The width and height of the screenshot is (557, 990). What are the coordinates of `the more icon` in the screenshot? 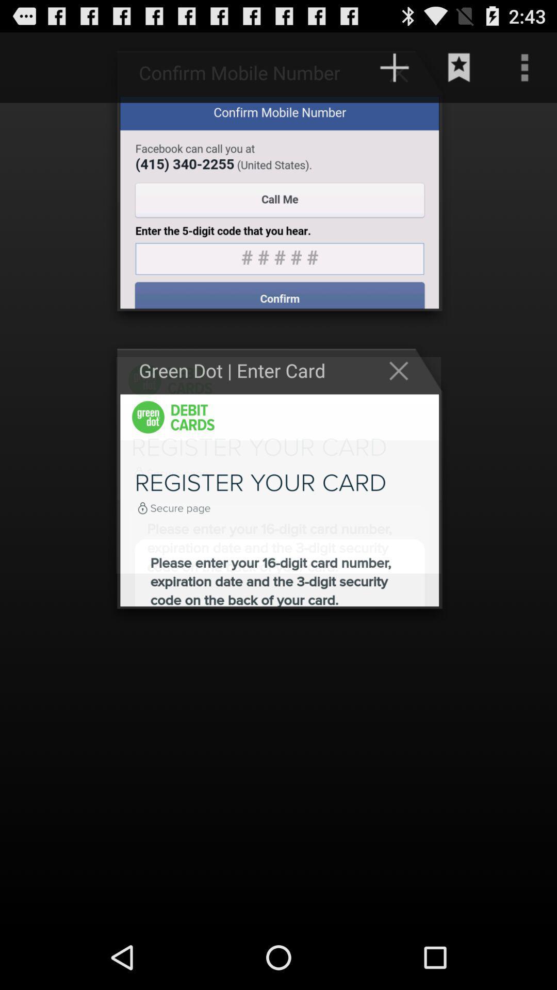 It's located at (525, 72).